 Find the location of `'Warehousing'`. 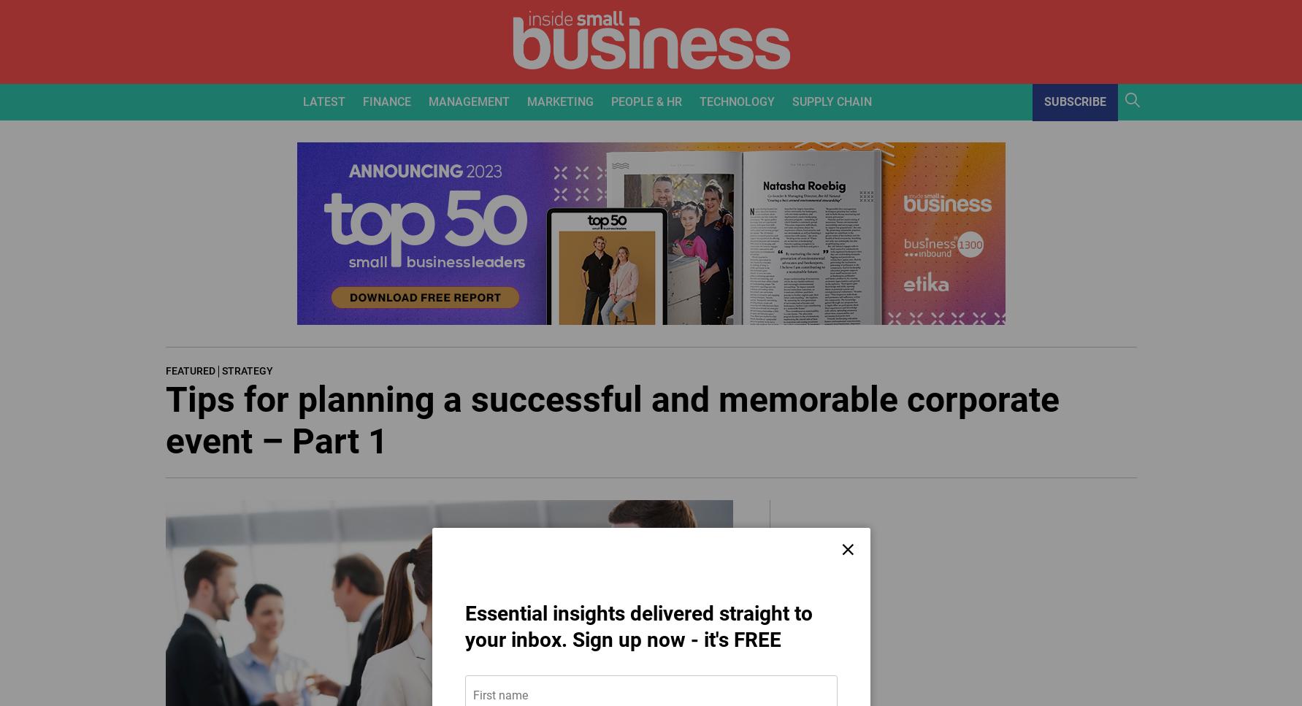

'Warehousing' is located at coordinates (944, 177).